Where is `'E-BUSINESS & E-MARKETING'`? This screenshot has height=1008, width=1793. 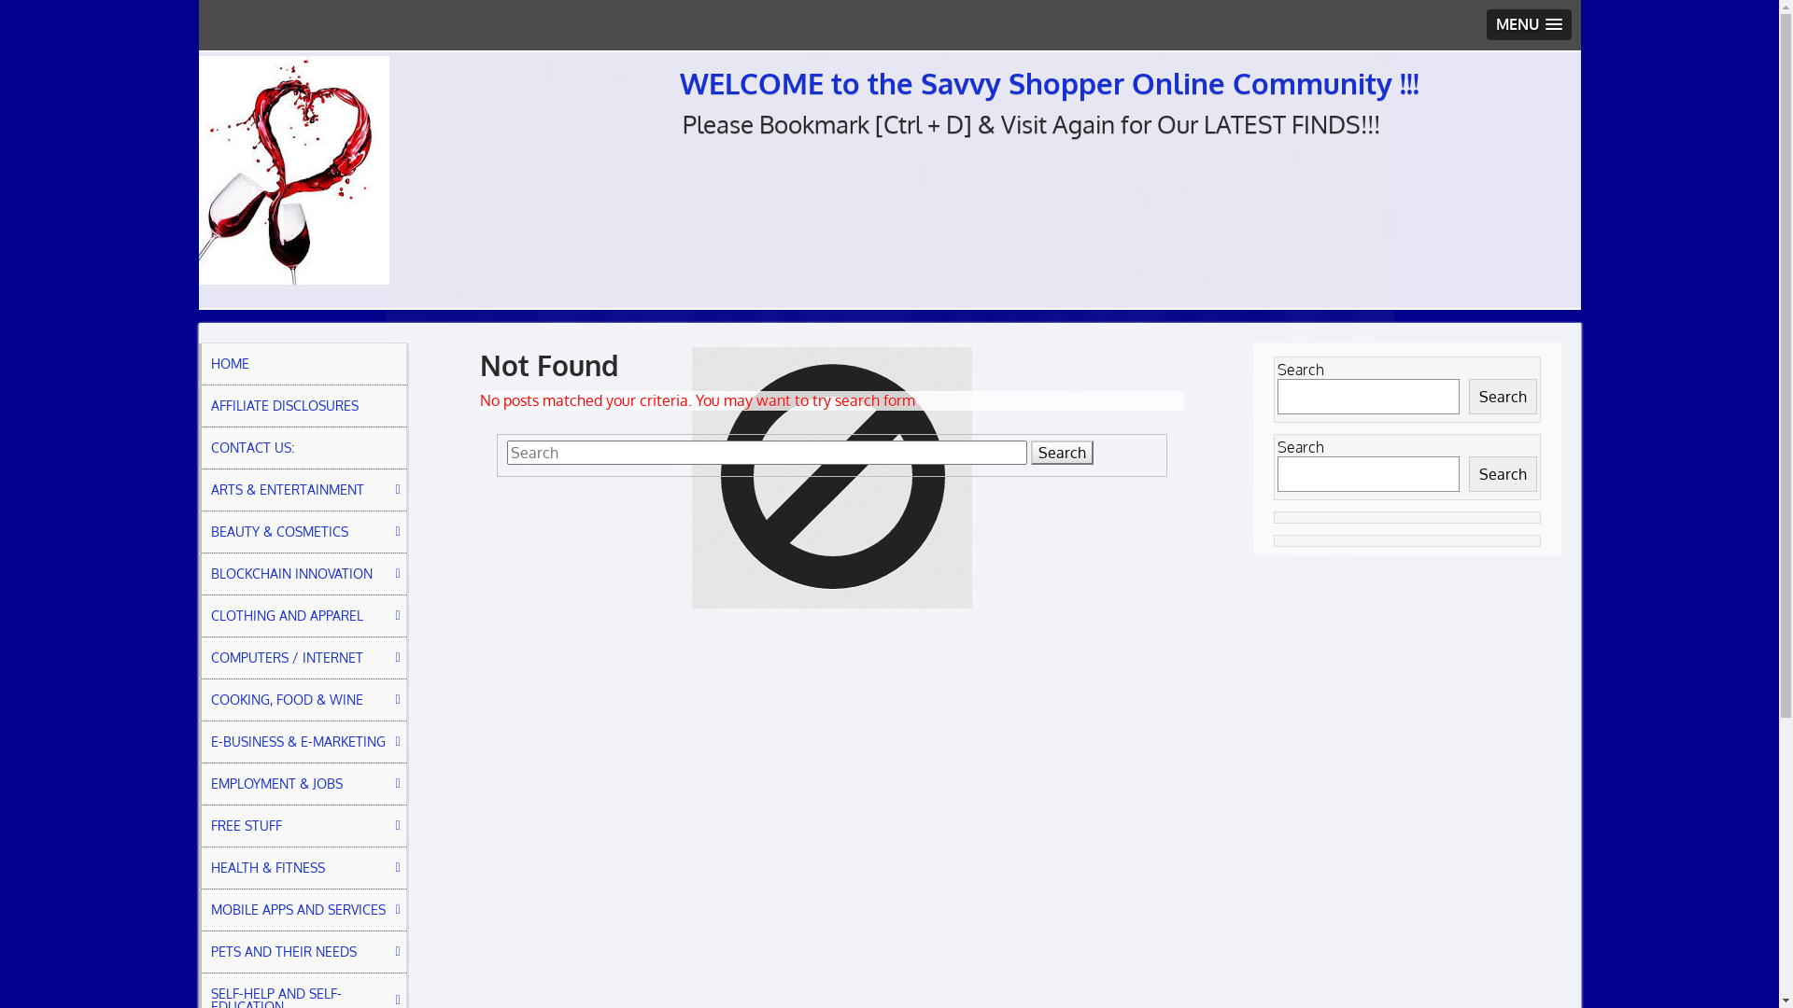 'E-BUSINESS & E-MARKETING' is located at coordinates (303, 740).